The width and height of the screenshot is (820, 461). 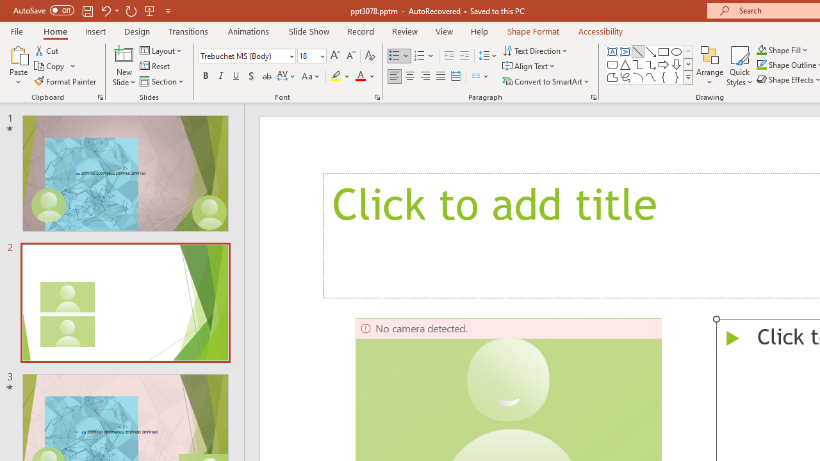 I want to click on 'Line', so click(x=637, y=51).